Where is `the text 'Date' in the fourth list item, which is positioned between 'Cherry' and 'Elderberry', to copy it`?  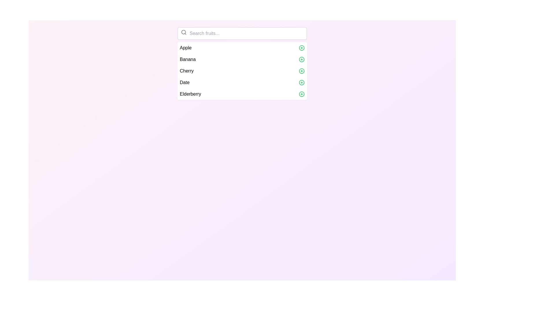 the text 'Date' in the fourth list item, which is positioned between 'Cherry' and 'Elderberry', to copy it is located at coordinates (242, 82).